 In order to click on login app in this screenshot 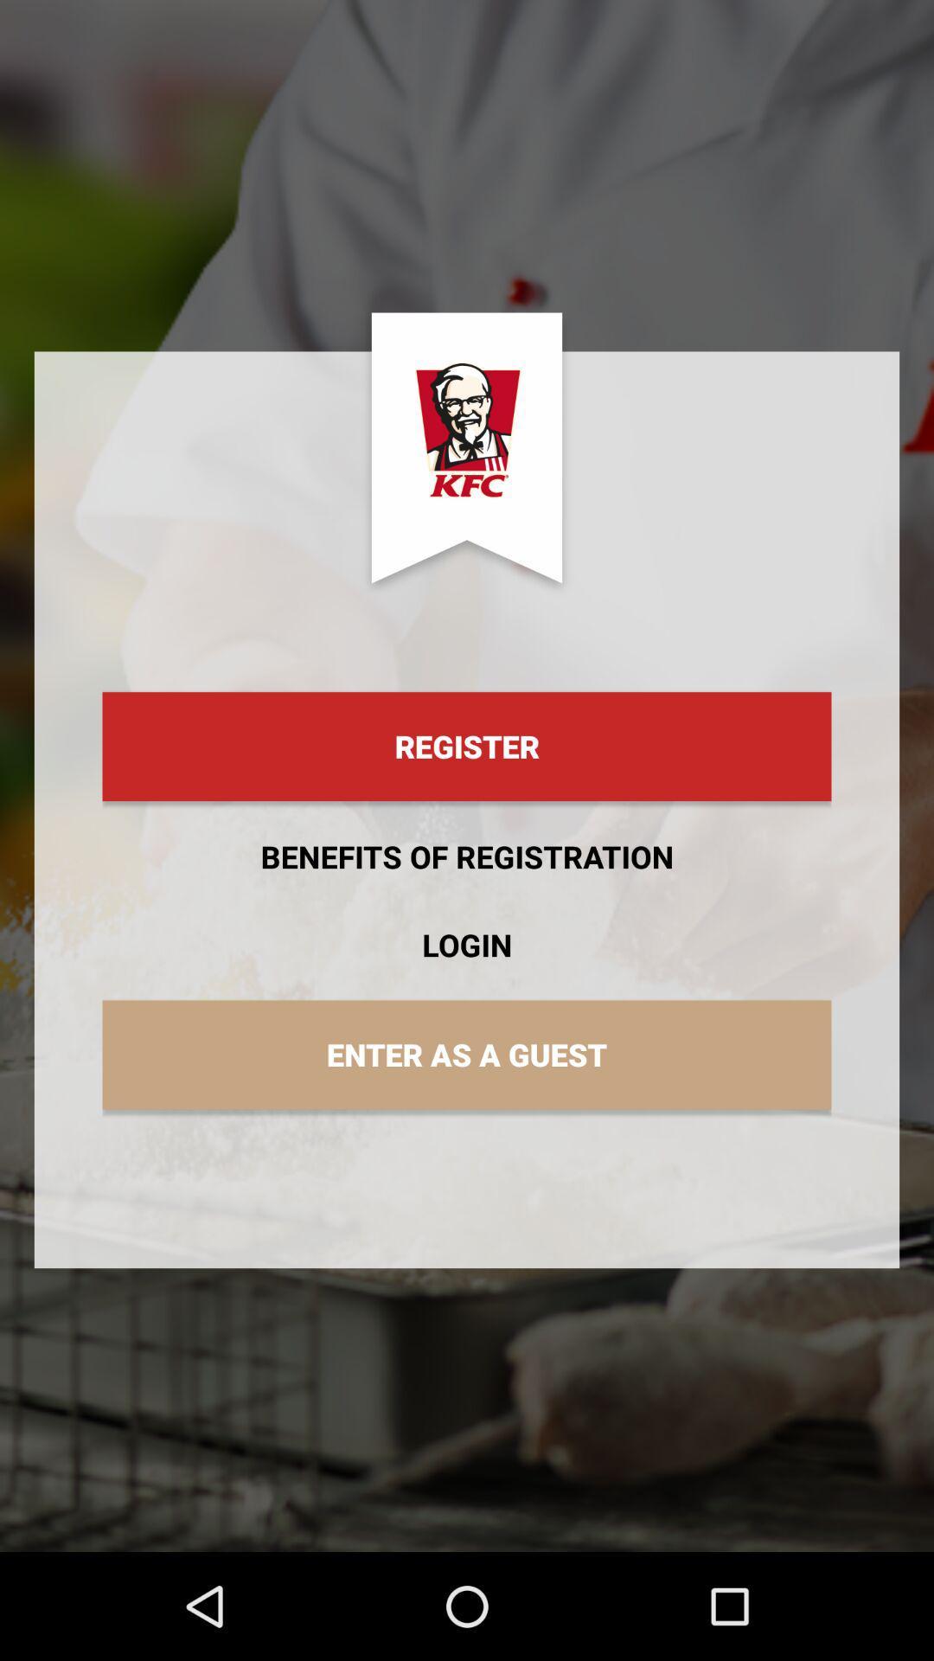, I will do `click(467, 944)`.